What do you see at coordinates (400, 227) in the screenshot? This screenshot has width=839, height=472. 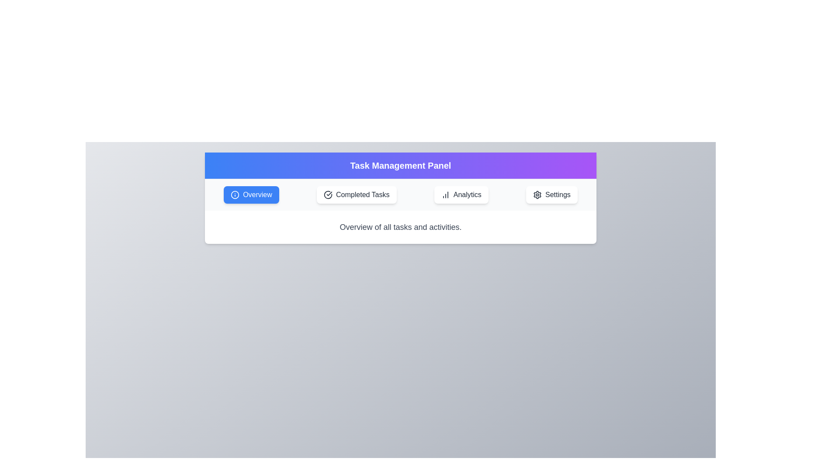 I see `the text label displaying 'Overview of all tasks and activities.' which is styled in gray color and located below the main navigation options` at bounding box center [400, 227].